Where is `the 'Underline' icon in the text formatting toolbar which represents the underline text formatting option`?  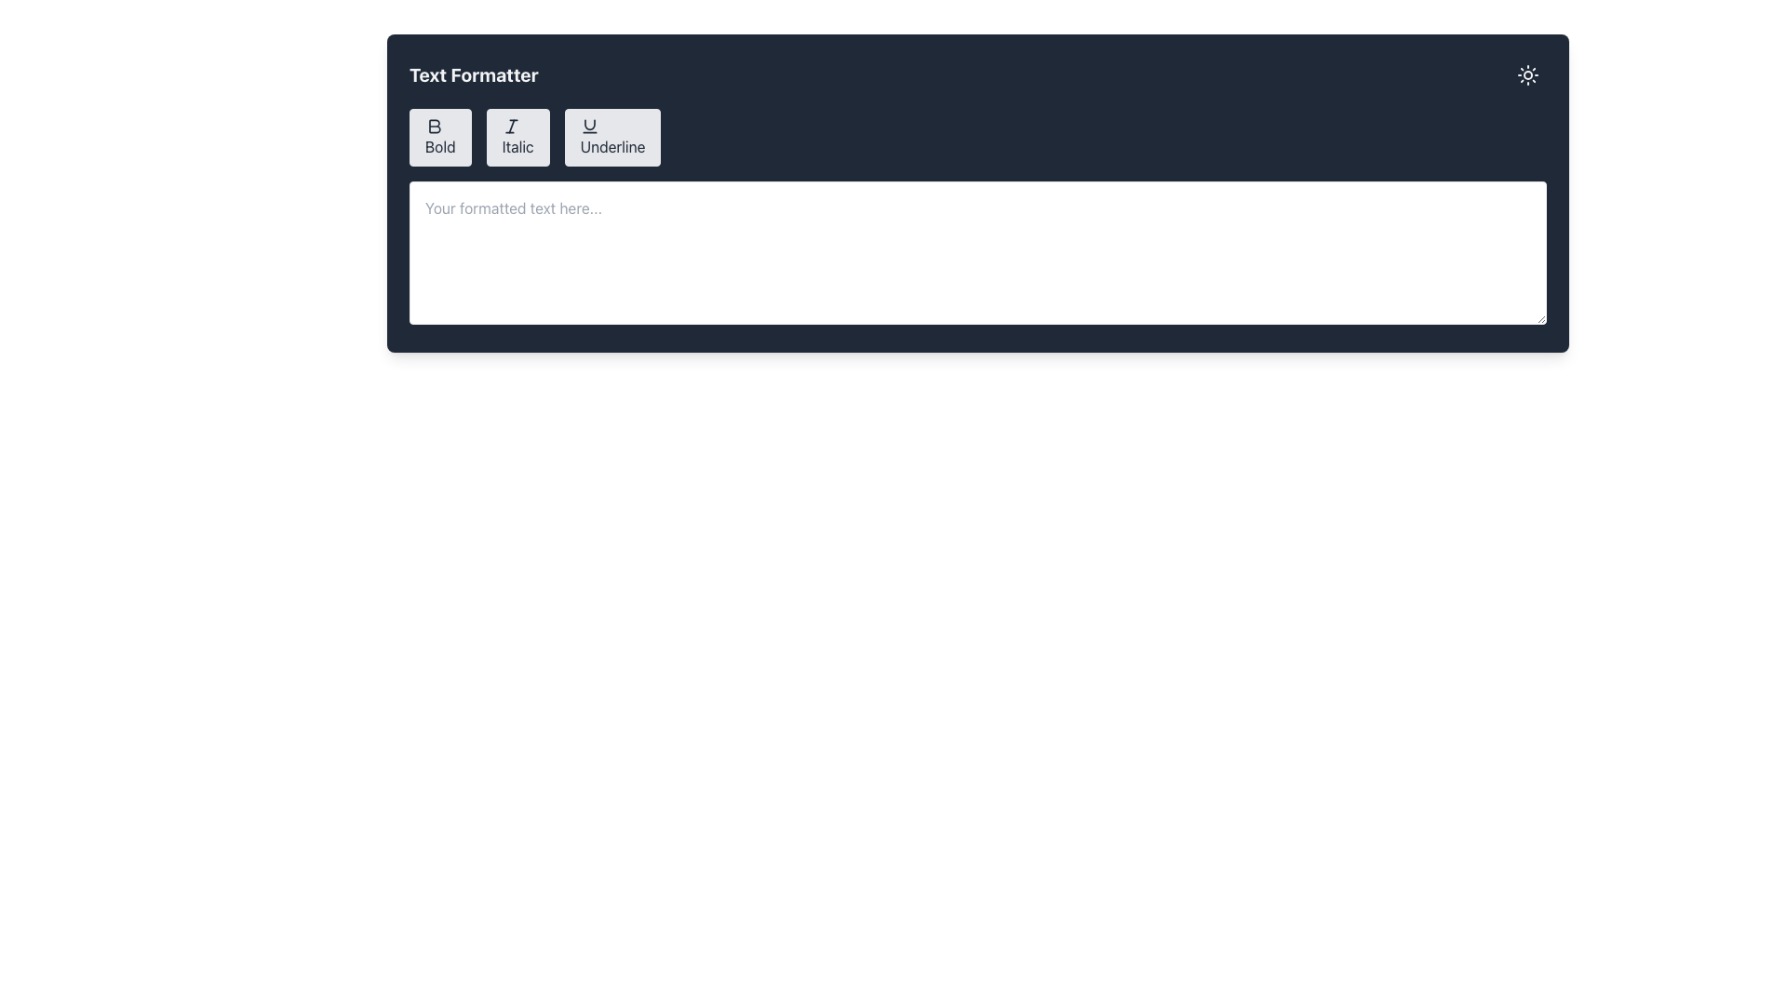
the 'Underline' icon in the text formatting toolbar which represents the underline text formatting option is located at coordinates (588, 125).